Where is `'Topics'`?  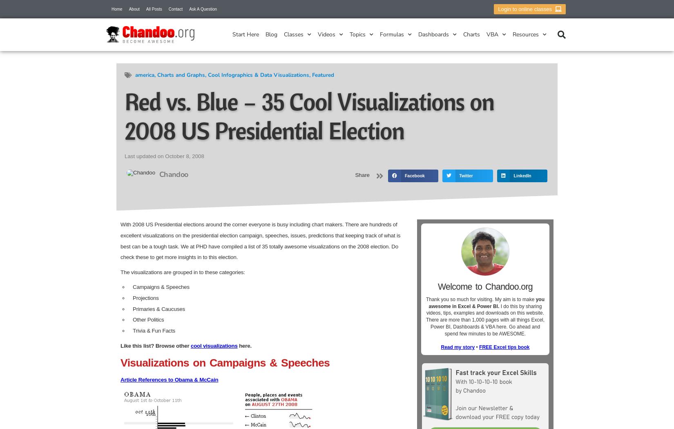 'Topics' is located at coordinates (350, 34).